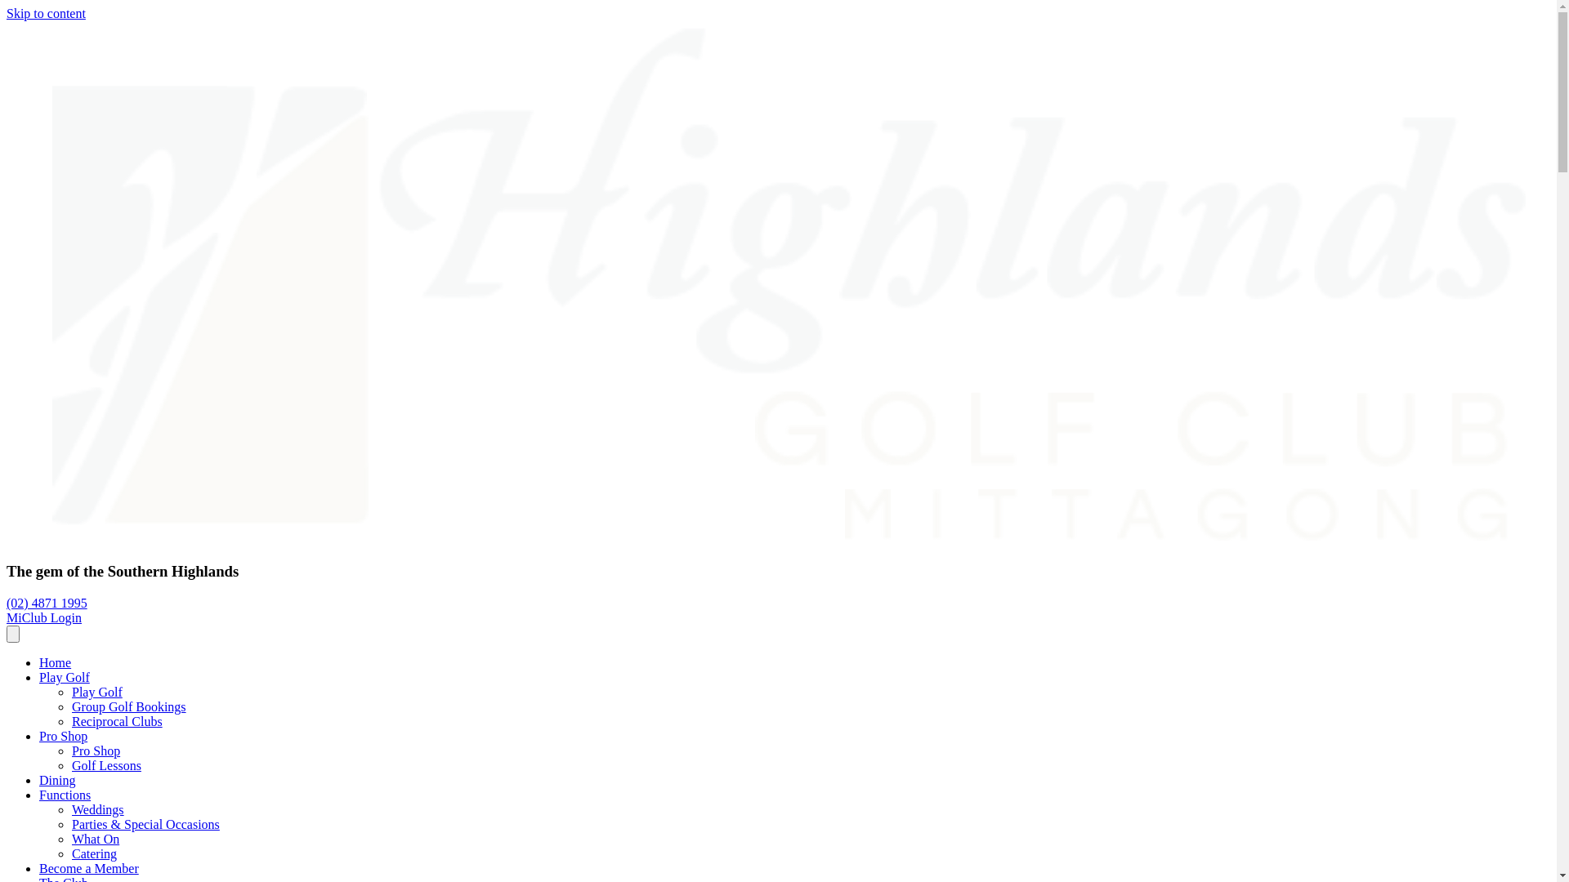  Describe the element at coordinates (63, 736) in the screenshot. I see `'Pro Shop'` at that location.